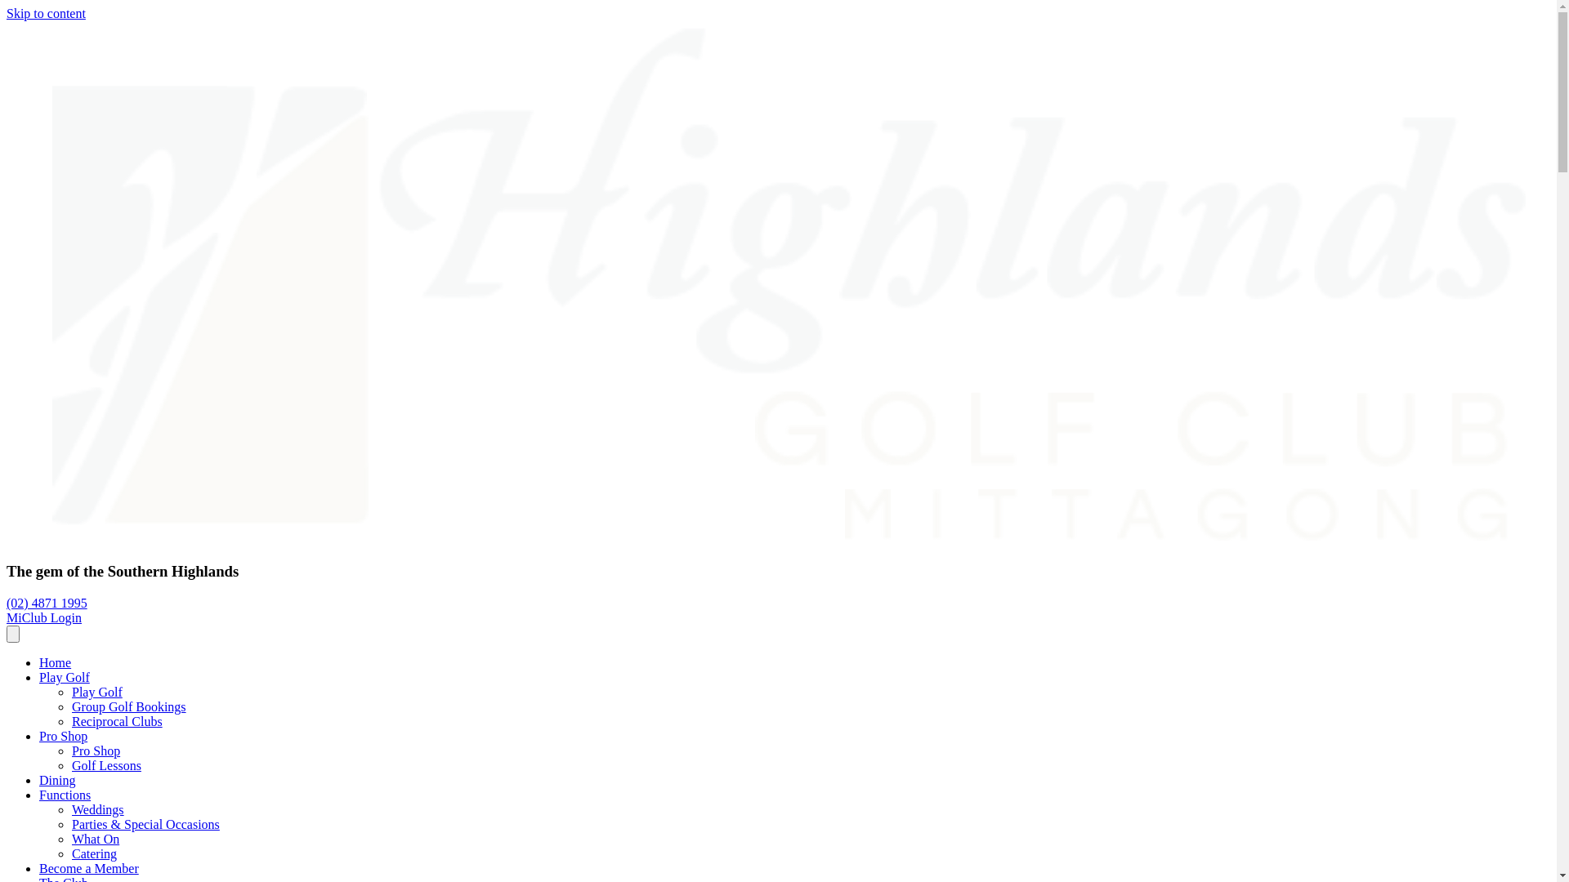  Describe the element at coordinates (63, 736) in the screenshot. I see `'Pro Shop'` at that location.